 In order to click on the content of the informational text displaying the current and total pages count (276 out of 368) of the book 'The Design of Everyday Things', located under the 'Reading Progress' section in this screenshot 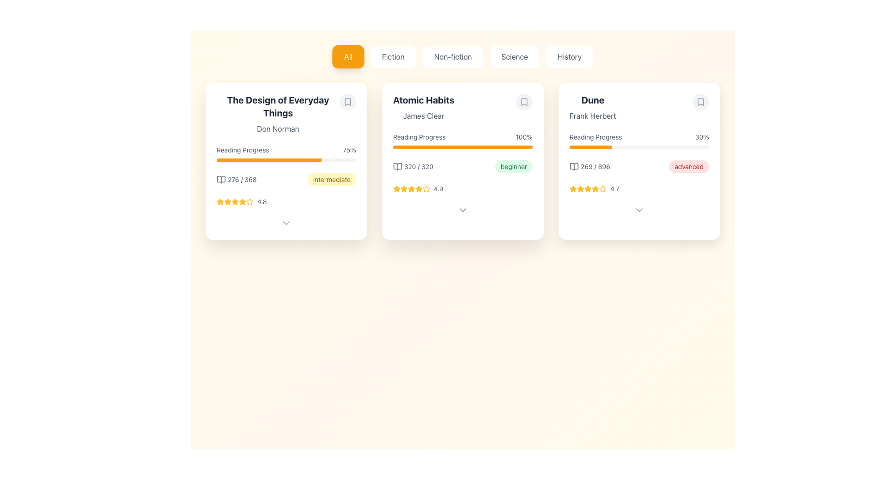, I will do `click(237, 180)`.